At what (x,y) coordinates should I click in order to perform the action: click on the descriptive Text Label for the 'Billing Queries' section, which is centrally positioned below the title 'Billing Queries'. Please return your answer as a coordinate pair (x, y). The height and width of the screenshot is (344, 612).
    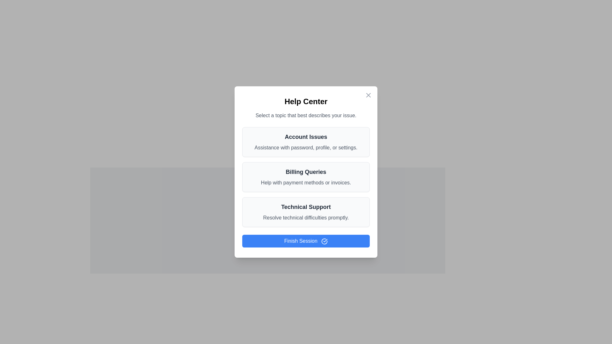
    Looking at the image, I should click on (306, 183).